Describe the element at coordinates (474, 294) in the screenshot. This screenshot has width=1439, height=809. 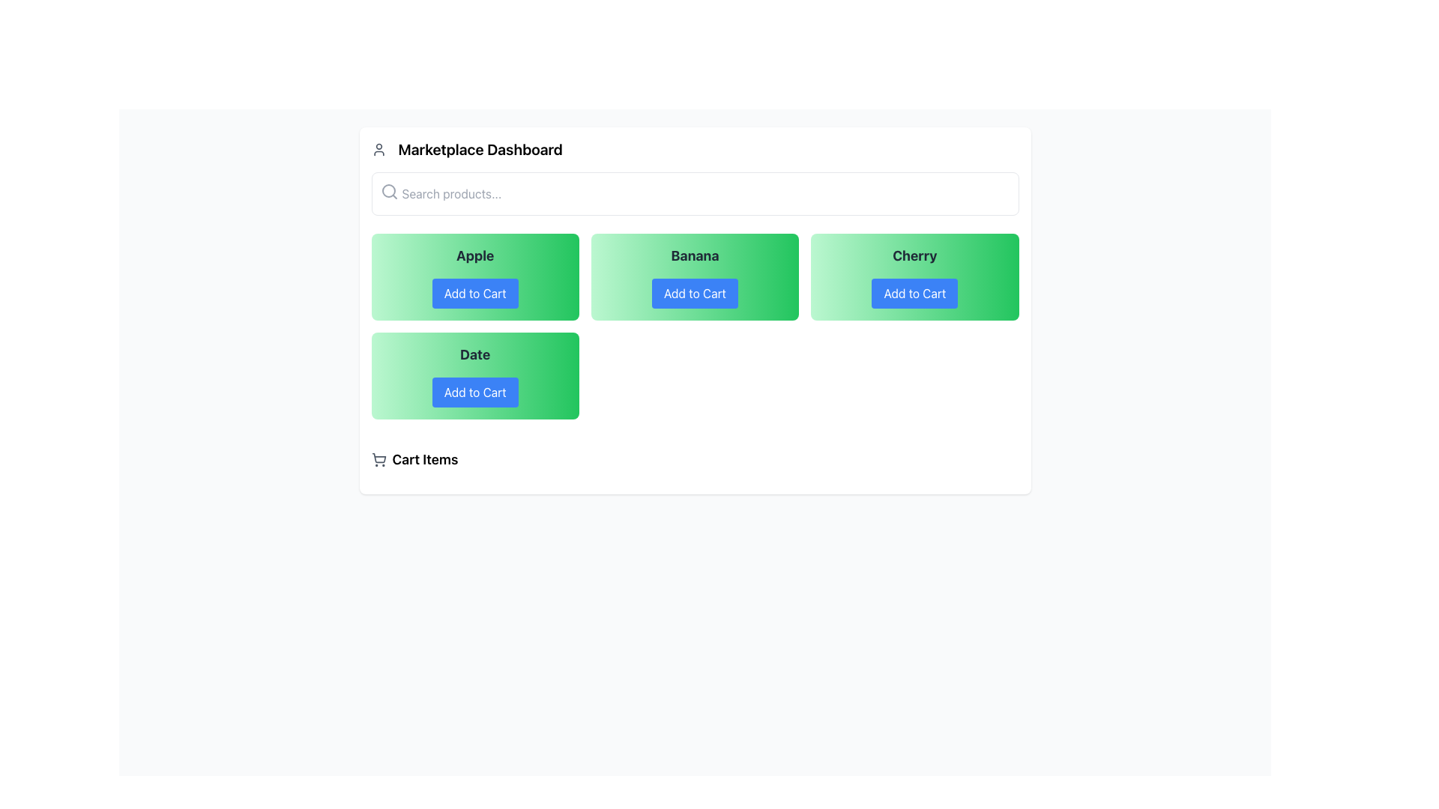
I see `the button that allows users to add 'Apple' to their shopping cart to observe the hover effect` at that location.